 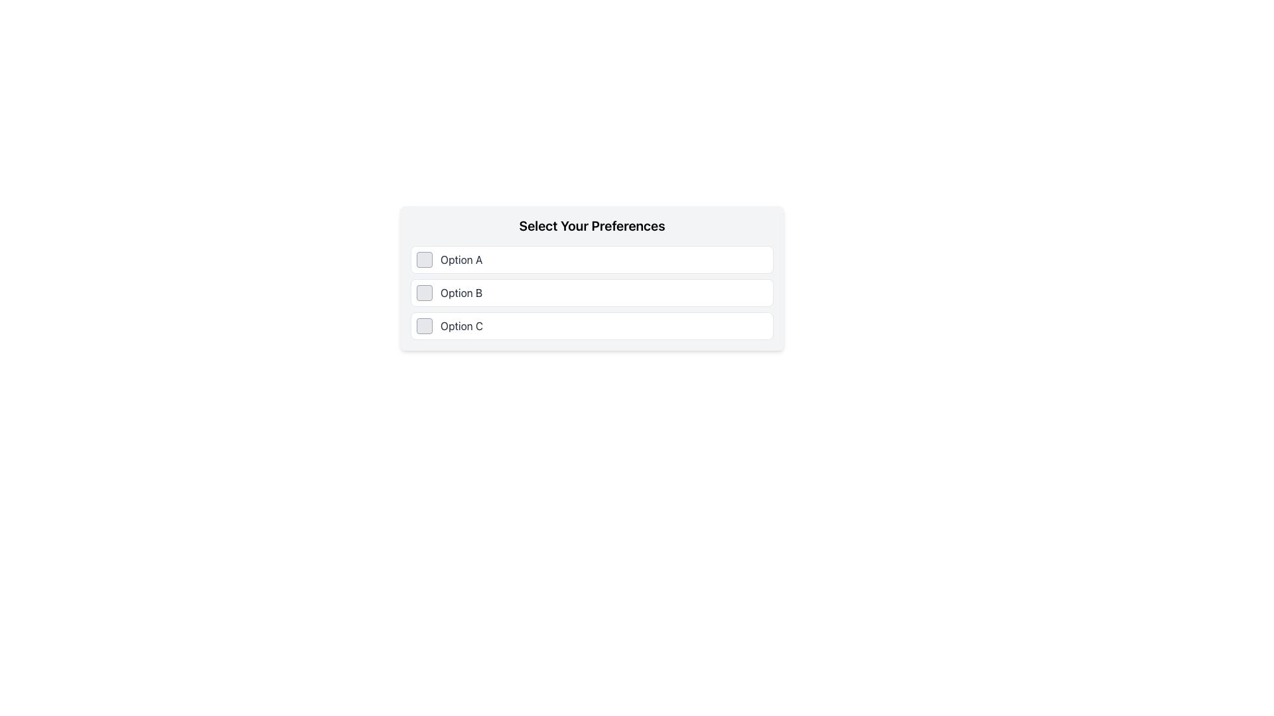 What do you see at coordinates (423, 260) in the screenshot?
I see `the interactive checkbox located to the left of the label 'Option A'` at bounding box center [423, 260].